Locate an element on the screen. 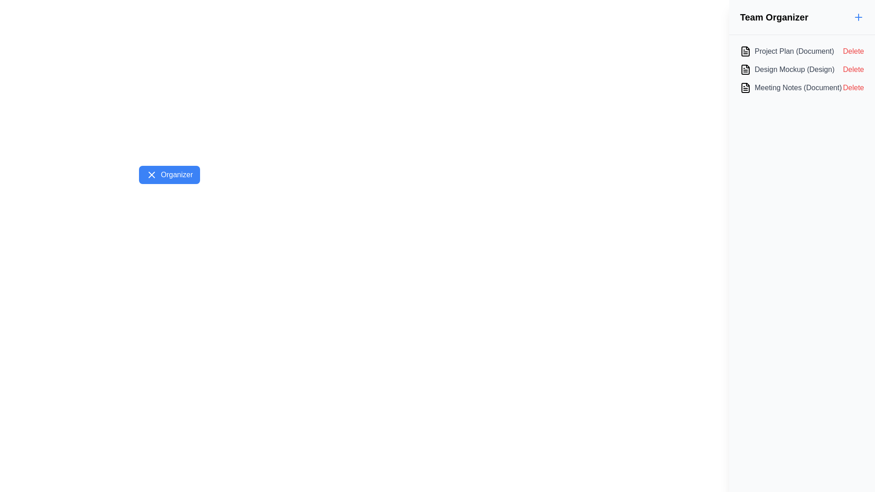 The height and width of the screenshot is (492, 875). the 'Team Organizer' text label, which is displayed in bold and large font at the top-right corner of the interface is located at coordinates (773, 17).